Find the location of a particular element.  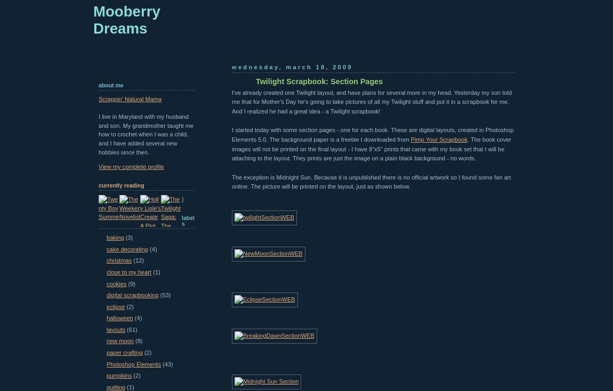

'new moon' is located at coordinates (119, 340).